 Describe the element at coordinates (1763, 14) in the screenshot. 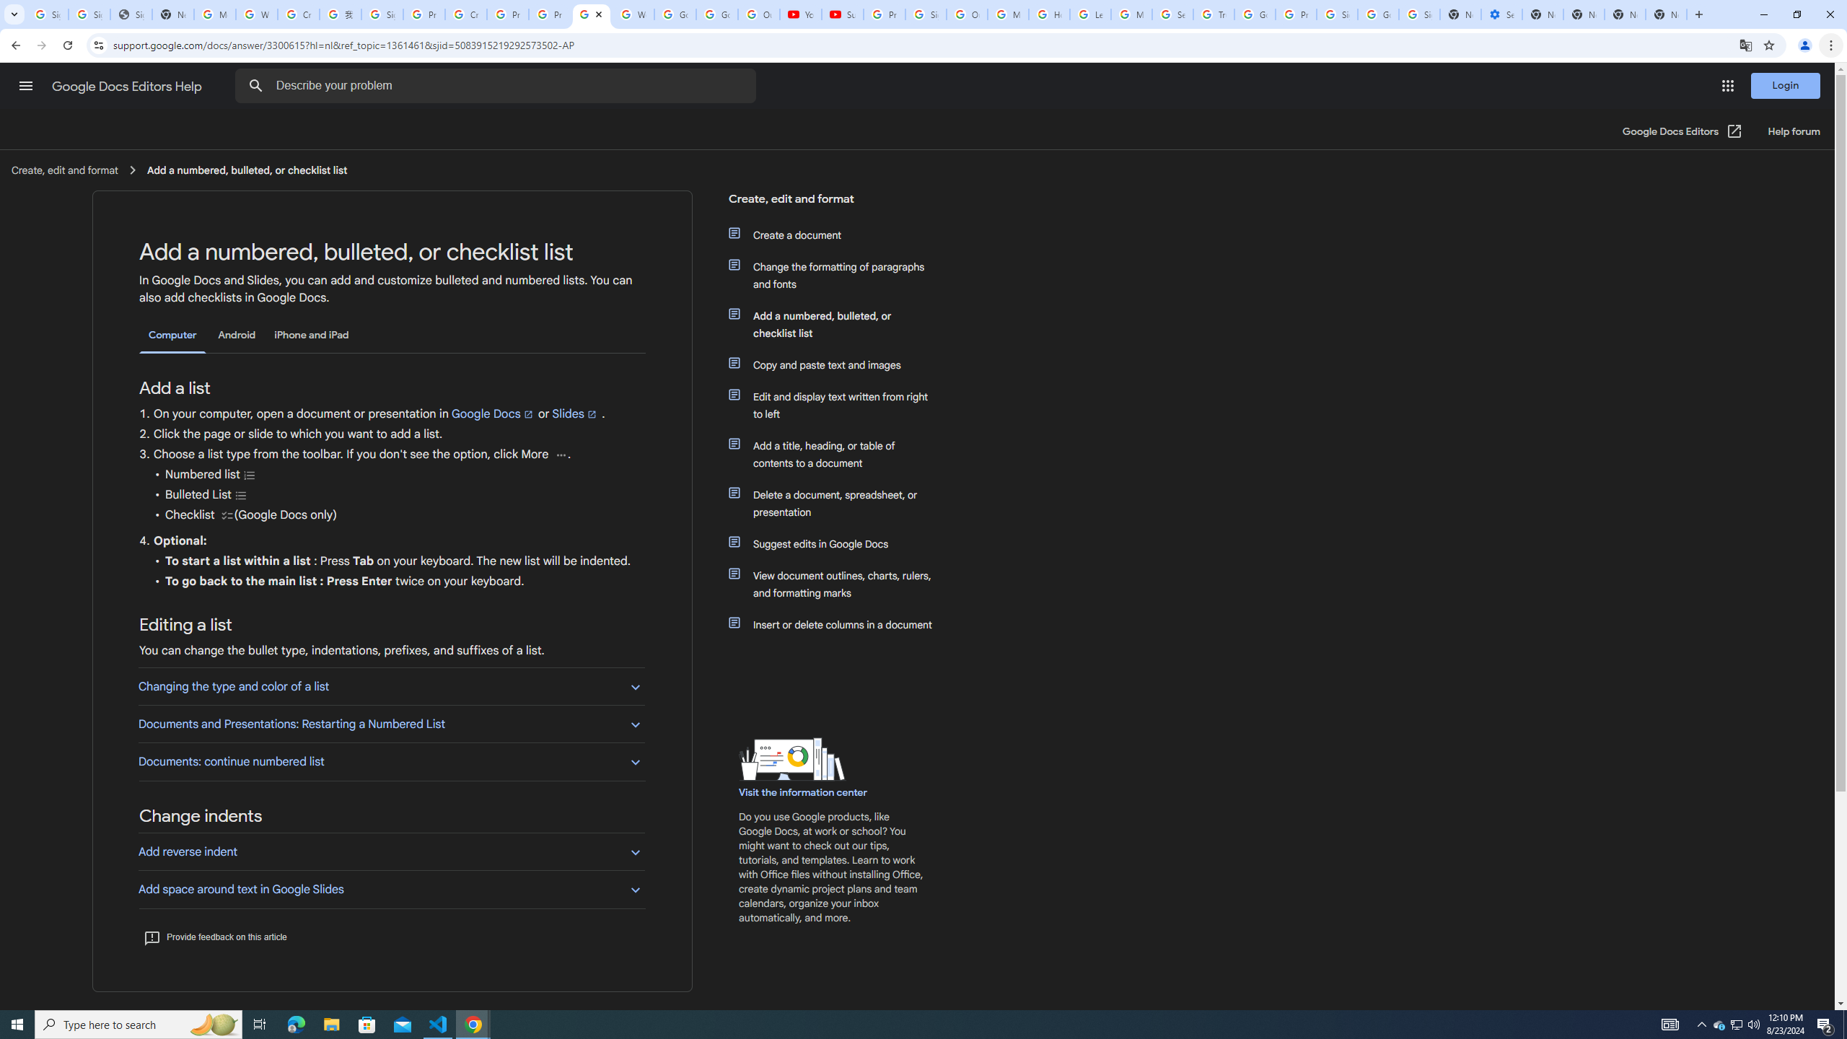

I see `'Minimize'` at that location.